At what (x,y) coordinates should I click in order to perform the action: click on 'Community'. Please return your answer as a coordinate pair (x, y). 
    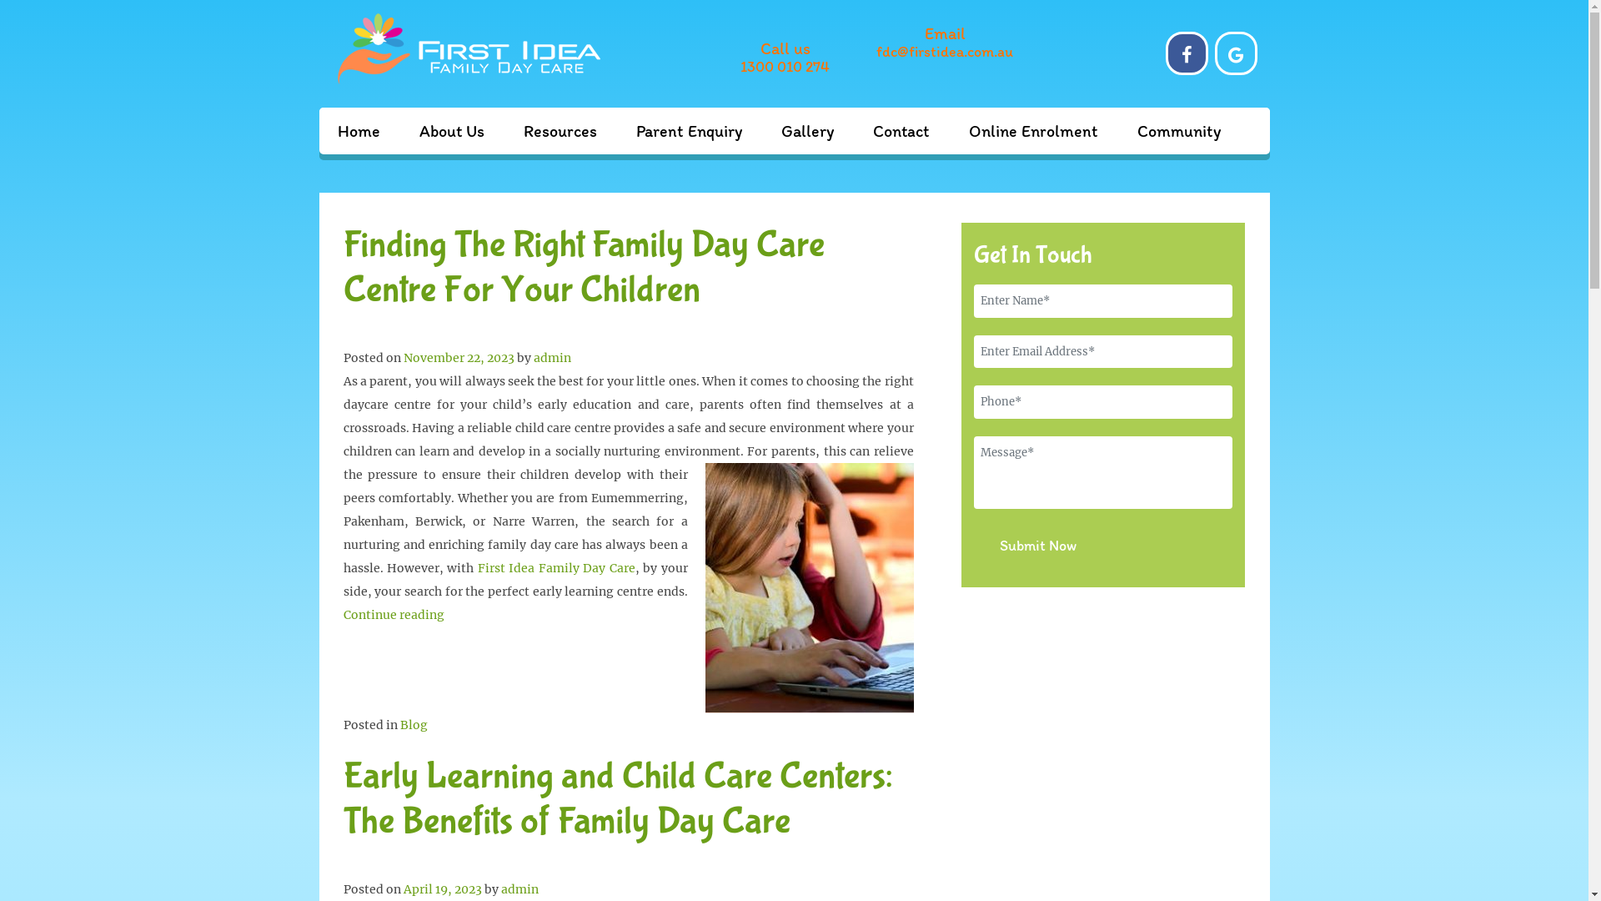
    Looking at the image, I should click on (1178, 130).